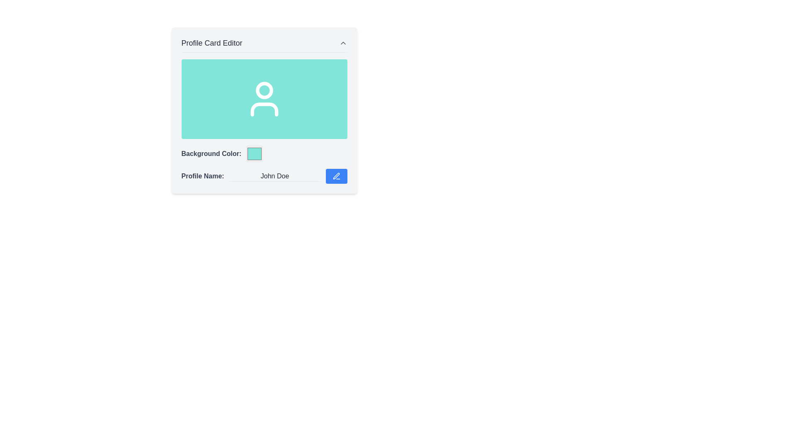 The image size is (796, 448). What do you see at coordinates (211, 153) in the screenshot?
I see `the text label indicating the background color input in the Profile Card Editor section` at bounding box center [211, 153].